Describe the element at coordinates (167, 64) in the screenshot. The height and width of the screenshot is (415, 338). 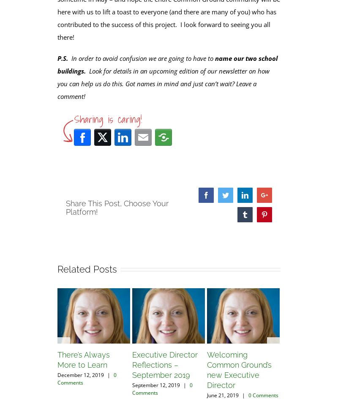
I see `'name our two school buildings.'` at that location.